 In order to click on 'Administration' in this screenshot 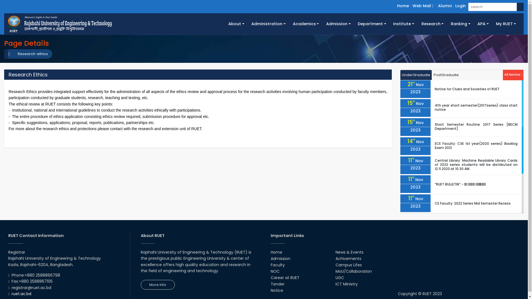, I will do `click(268, 24)`.